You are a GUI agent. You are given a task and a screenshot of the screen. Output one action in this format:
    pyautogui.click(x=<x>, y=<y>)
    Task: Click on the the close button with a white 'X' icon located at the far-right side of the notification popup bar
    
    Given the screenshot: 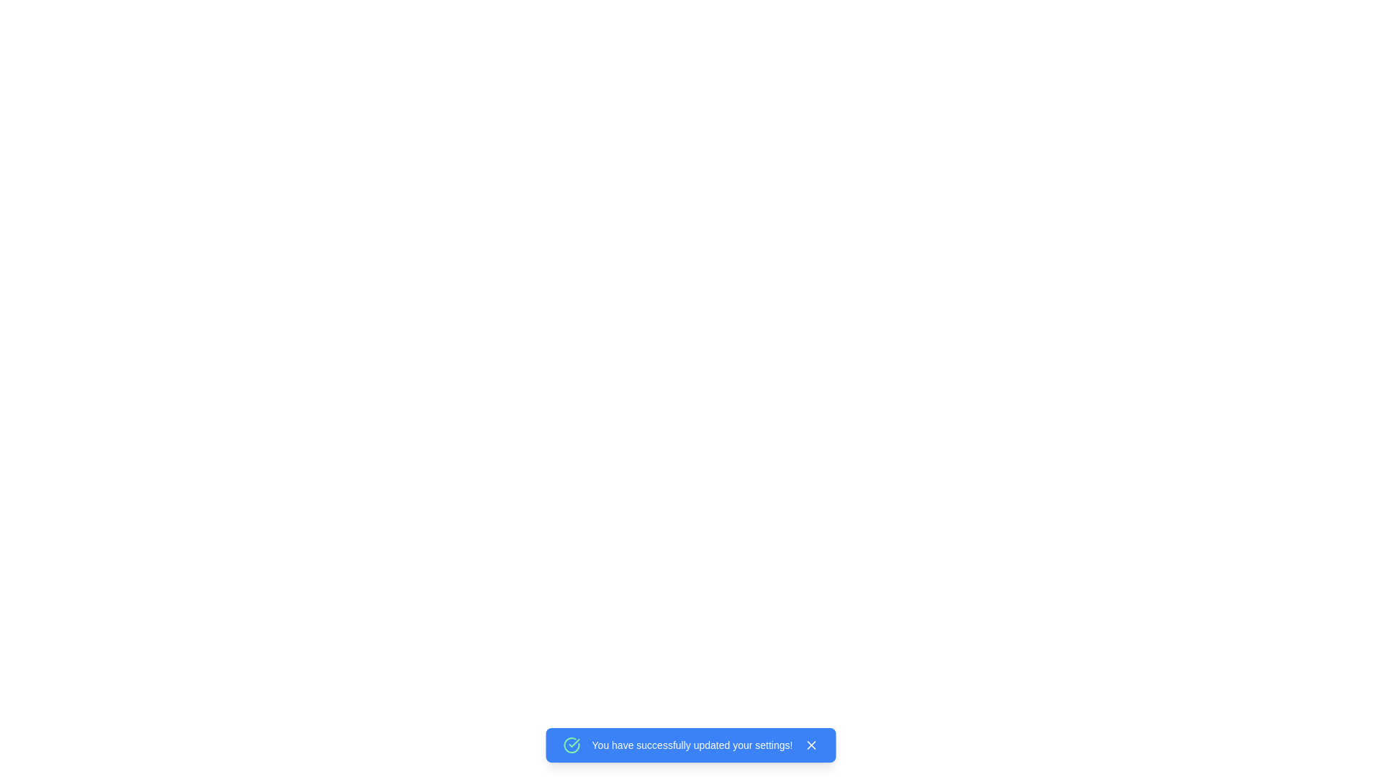 What is the action you would take?
    pyautogui.click(x=811, y=745)
    